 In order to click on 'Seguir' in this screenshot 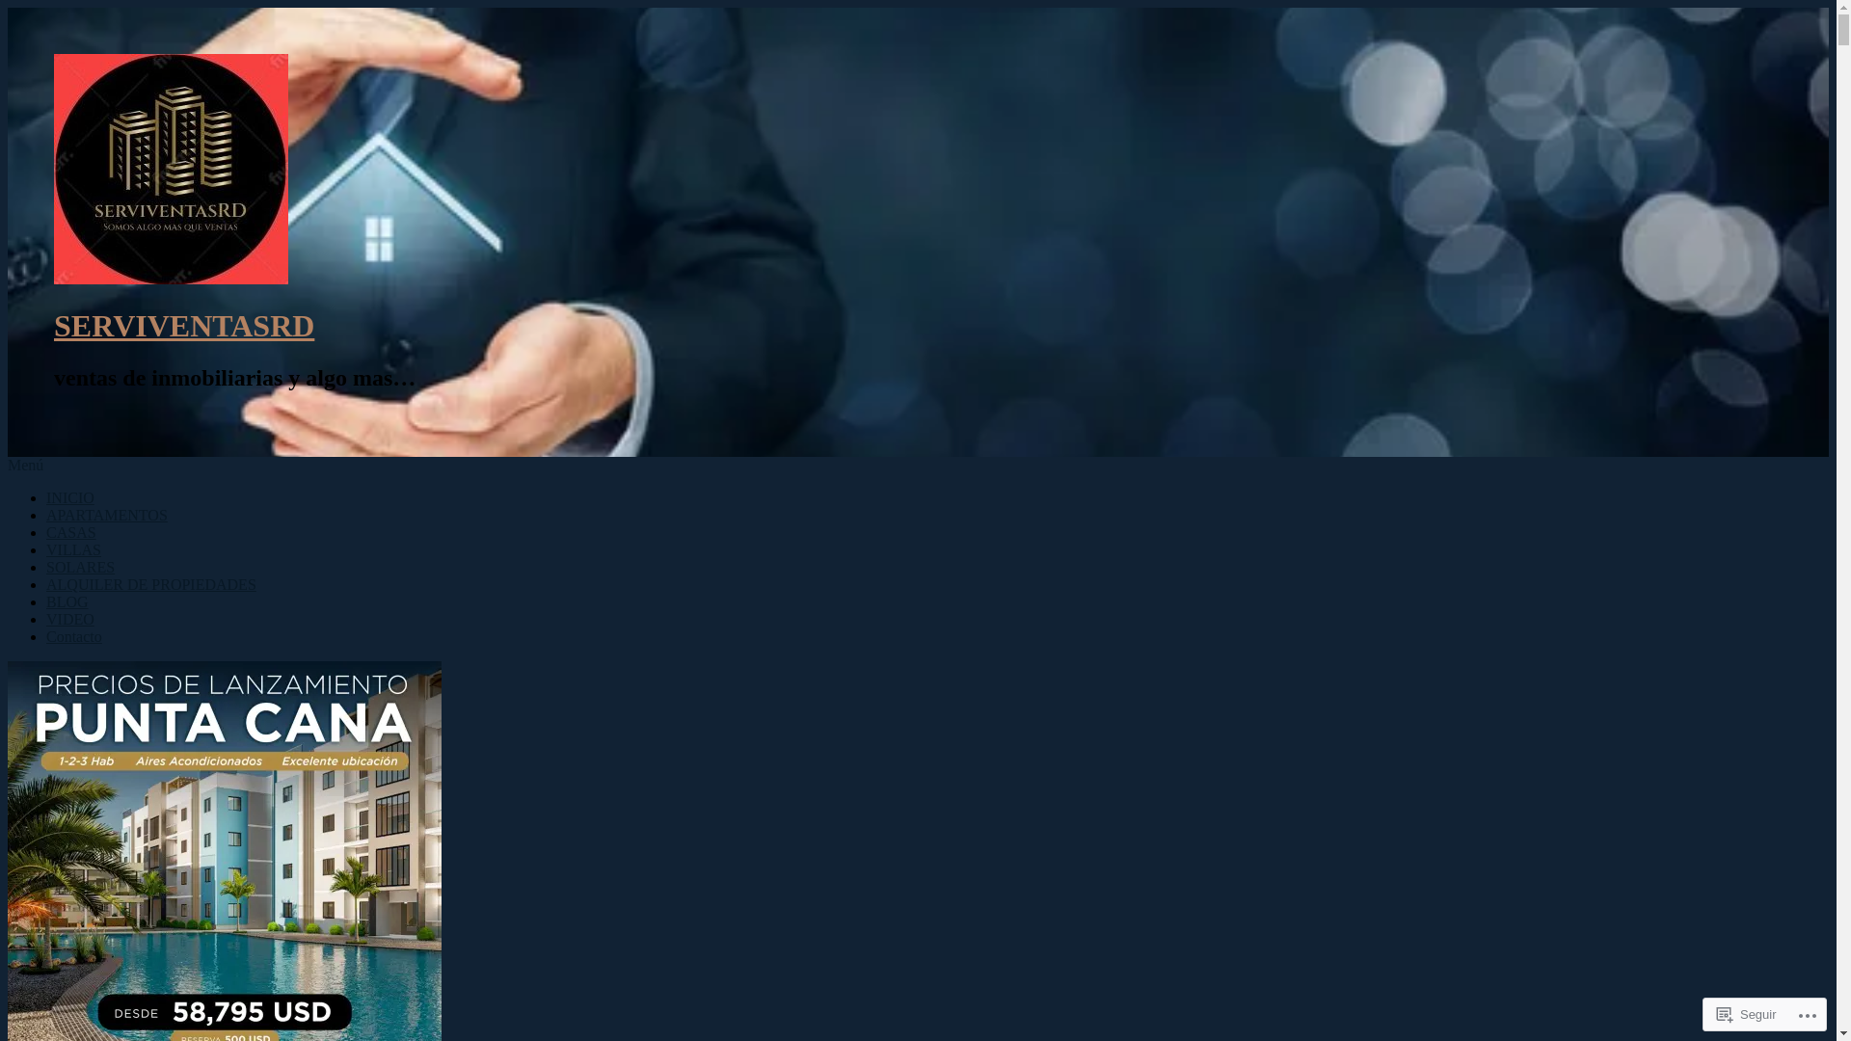, I will do `click(1747, 1013)`.